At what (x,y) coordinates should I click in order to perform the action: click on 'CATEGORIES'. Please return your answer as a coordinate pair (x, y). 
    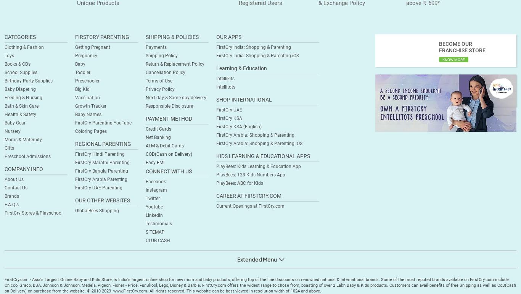
    Looking at the image, I should click on (20, 37).